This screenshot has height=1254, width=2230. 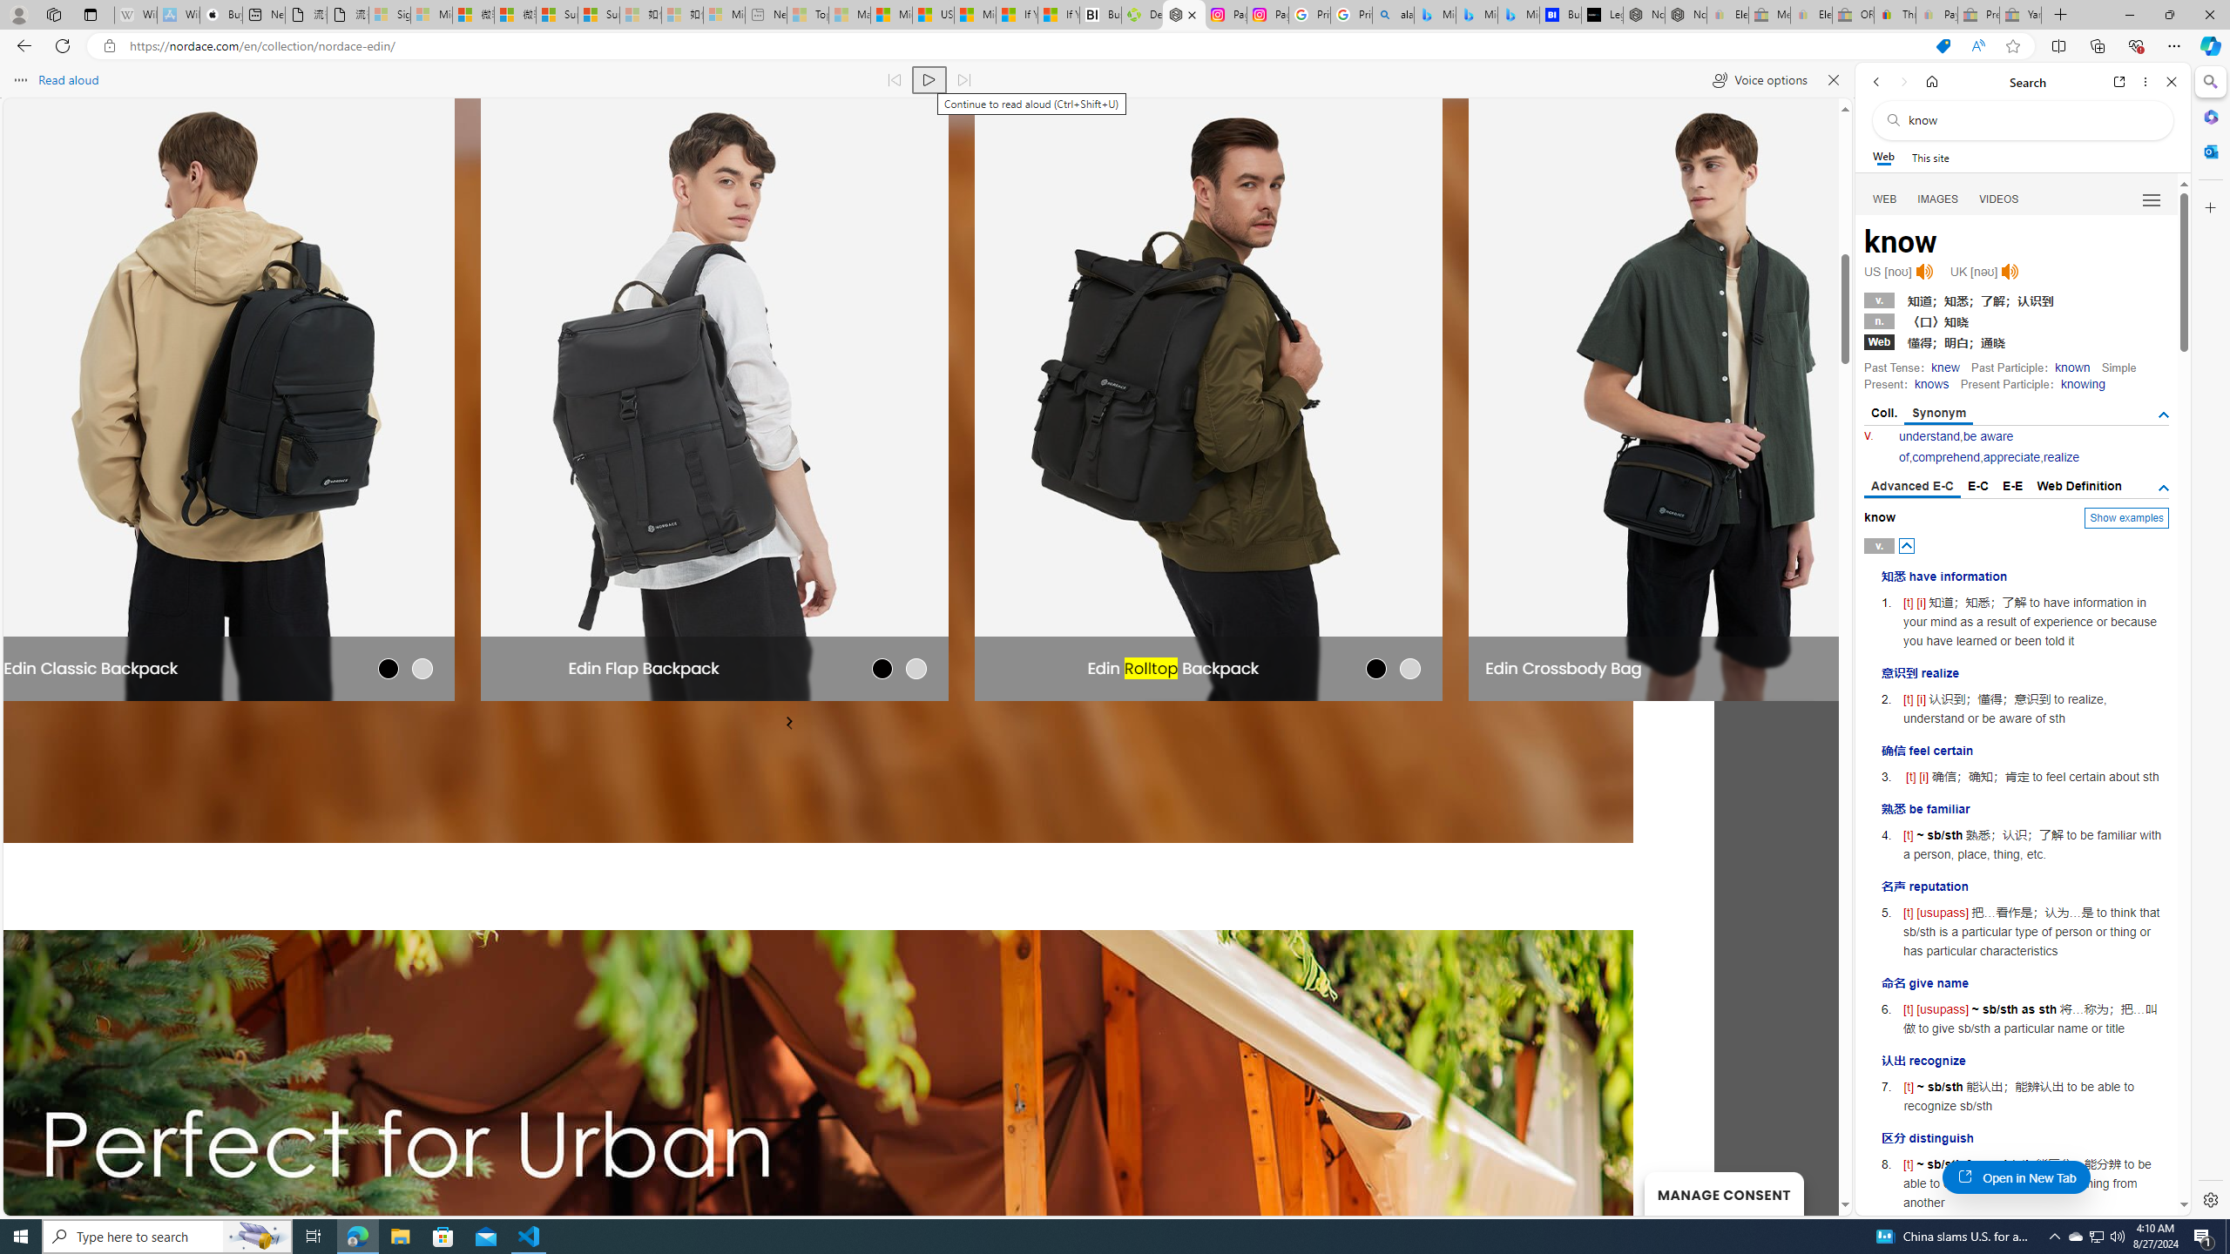 I want to click on 'More options', so click(x=2146, y=81).